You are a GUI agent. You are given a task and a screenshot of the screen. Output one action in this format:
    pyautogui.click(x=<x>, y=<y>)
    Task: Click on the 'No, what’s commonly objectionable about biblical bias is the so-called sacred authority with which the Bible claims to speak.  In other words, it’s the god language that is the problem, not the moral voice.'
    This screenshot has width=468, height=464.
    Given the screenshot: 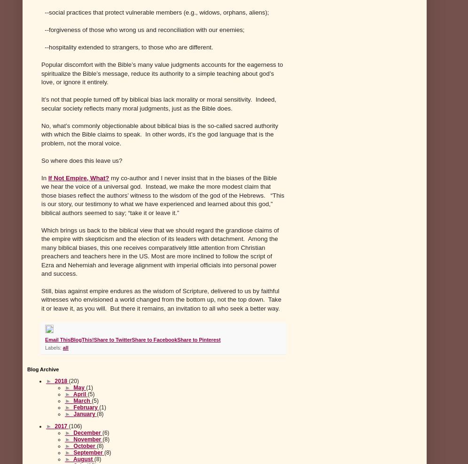 What is the action you would take?
    pyautogui.click(x=160, y=134)
    